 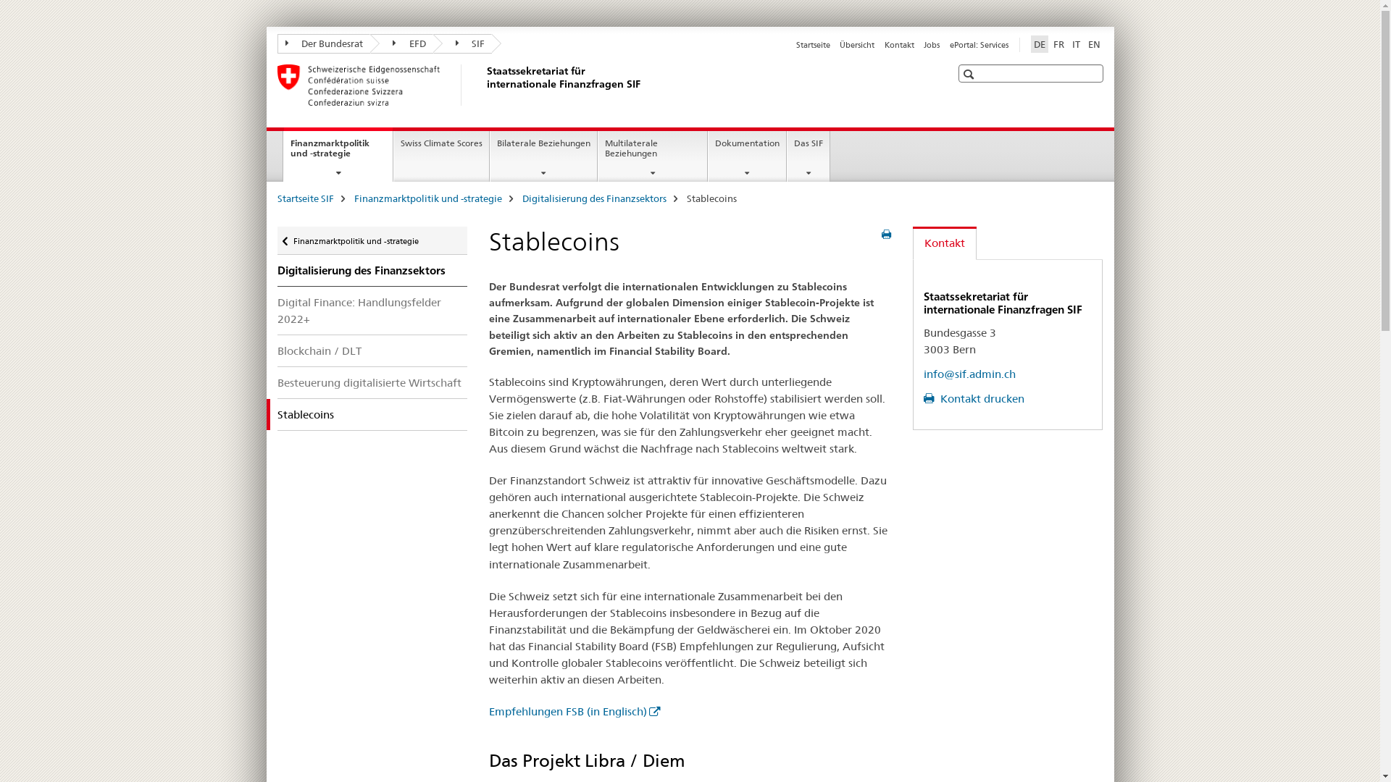 What do you see at coordinates (1069, 43) in the screenshot?
I see `'IT'` at bounding box center [1069, 43].